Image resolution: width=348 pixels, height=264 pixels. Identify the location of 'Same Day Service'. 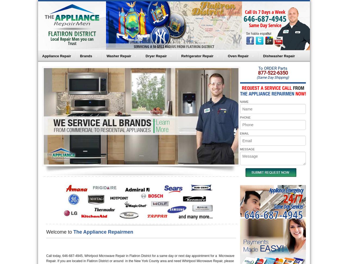
(248, 25).